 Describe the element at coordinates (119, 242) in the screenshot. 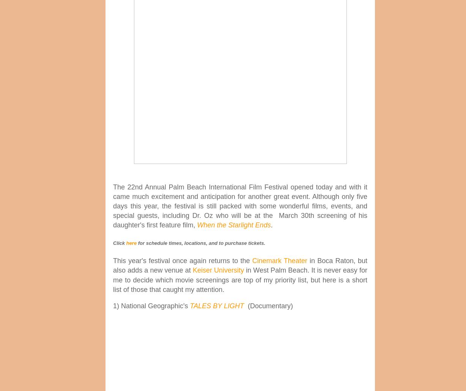

I see `'Click'` at that location.